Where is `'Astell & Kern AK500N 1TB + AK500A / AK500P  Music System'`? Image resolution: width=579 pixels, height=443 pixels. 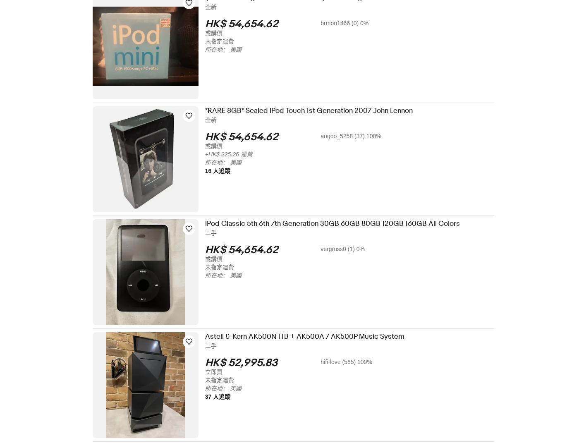
'Astell & Kern AK500N 1TB + AK500A / AK500P  Music System' is located at coordinates (210, 336).